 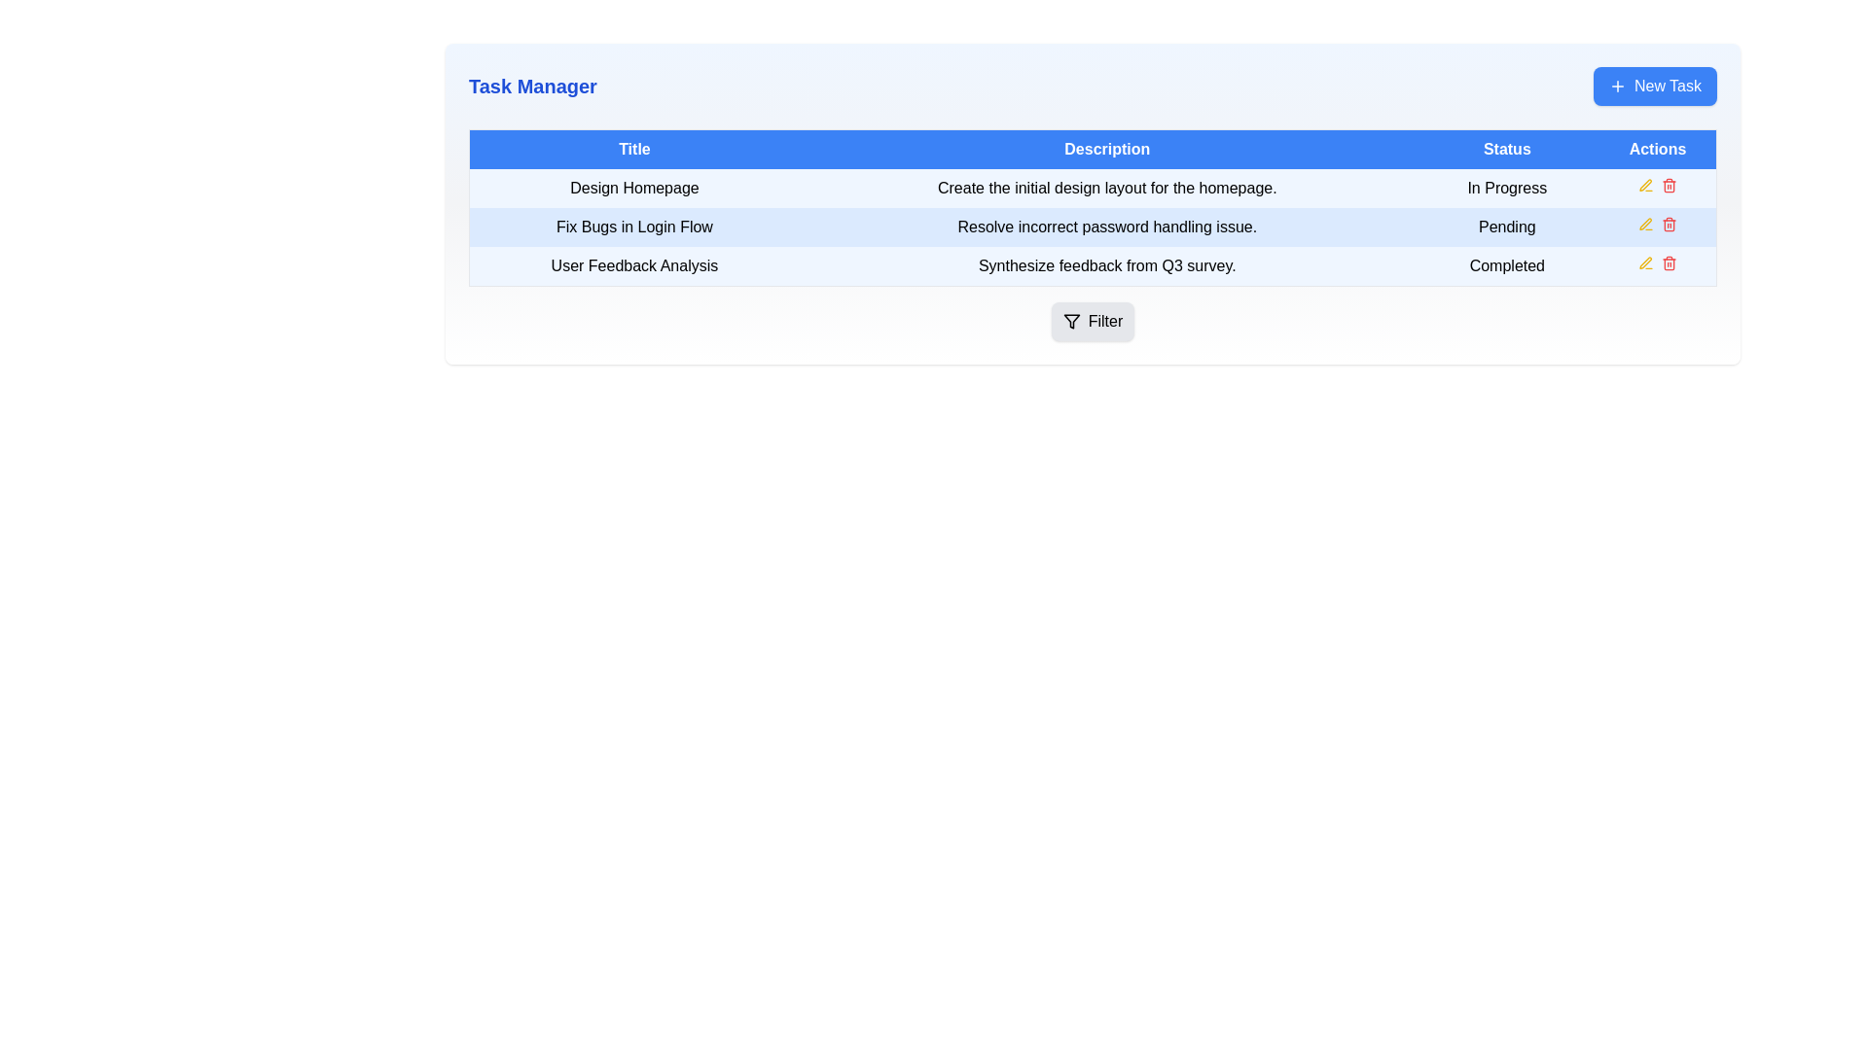 What do you see at coordinates (1657, 148) in the screenshot?
I see `the 'Actions' header text label, which indicates the actions that can be taken for each row in the table` at bounding box center [1657, 148].